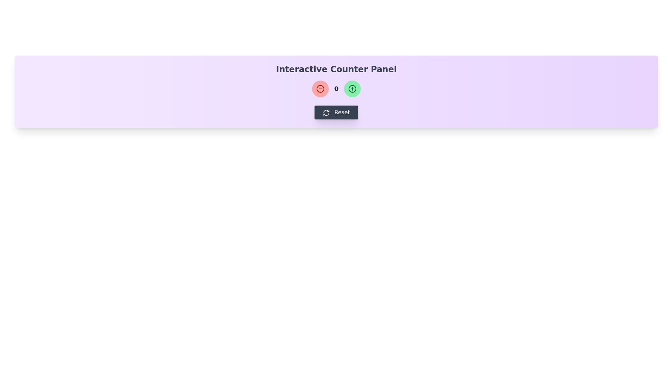 This screenshot has width=668, height=375. Describe the element at coordinates (352, 88) in the screenshot. I see `the circular green button with a plus icon` at that location.